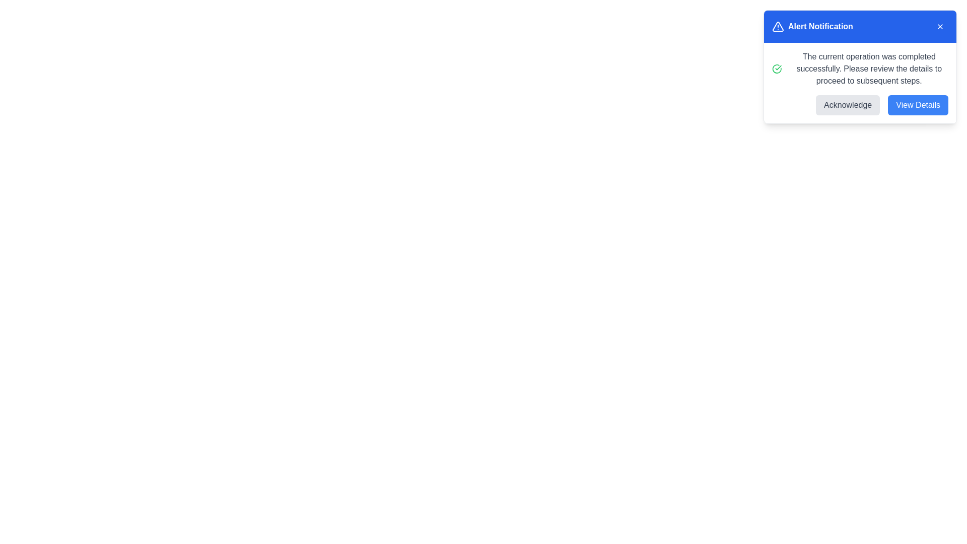  Describe the element at coordinates (776, 69) in the screenshot. I see `the success icon located to the left of the message box indicating 'The current operation was completed successfully.'` at that location.